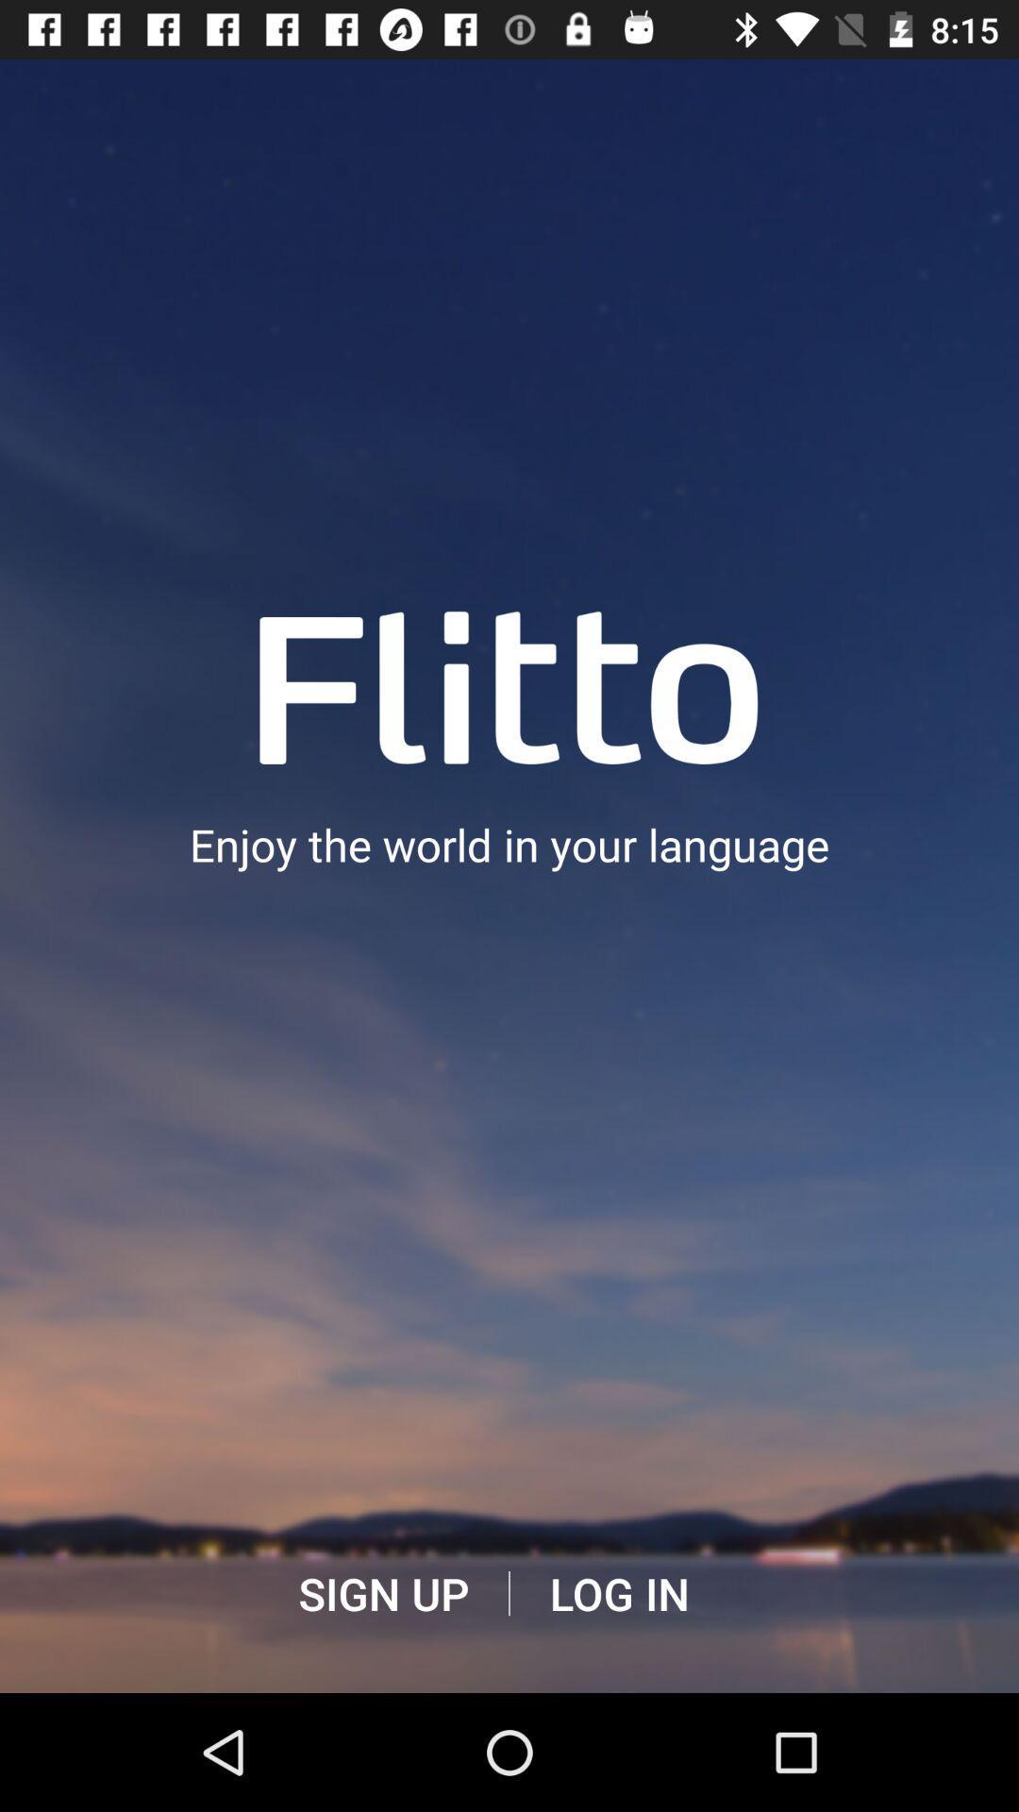 The image size is (1019, 1812). What do you see at coordinates (382, 1593) in the screenshot?
I see `the sign up icon` at bounding box center [382, 1593].